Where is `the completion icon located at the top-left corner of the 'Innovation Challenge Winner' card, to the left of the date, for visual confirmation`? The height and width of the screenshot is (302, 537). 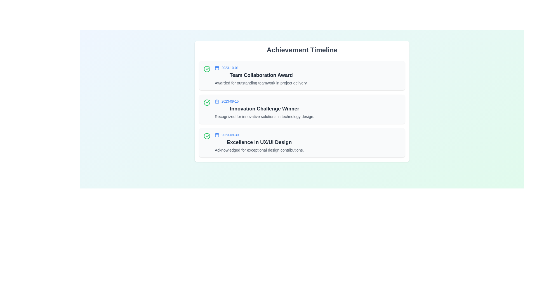
the completion icon located at the top-left corner of the 'Innovation Challenge Winner' card, to the left of the date, for visual confirmation is located at coordinates (206, 102).